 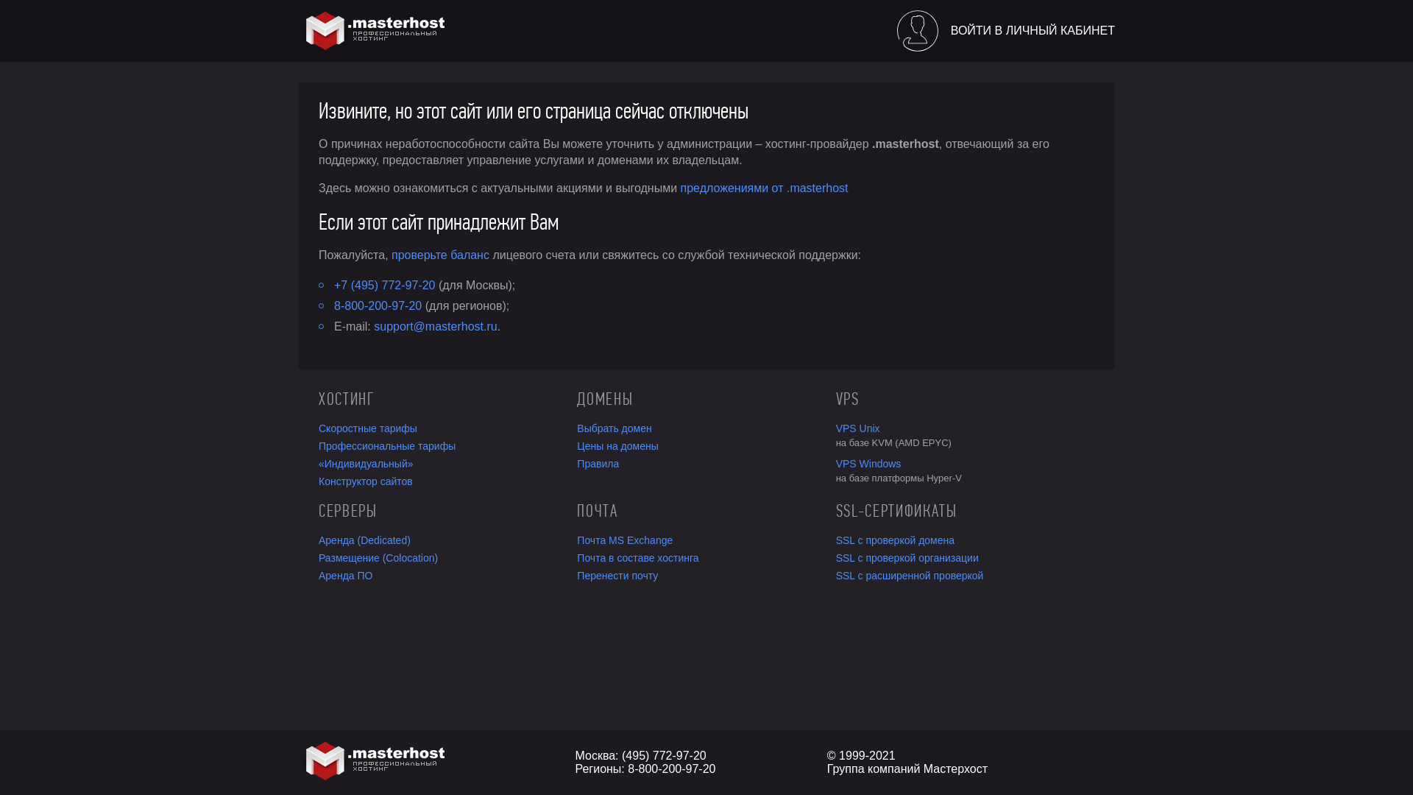 What do you see at coordinates (836, 399) in the screenshot?
I see `'VPS'` at bounding box center [836, 399].